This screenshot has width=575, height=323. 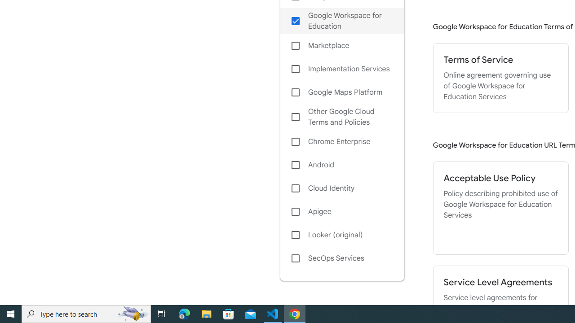 What do you see at coordinates (341, 188) in the screenshot?
I see `'Cloud Identity'` at bounding box center [341, 188].